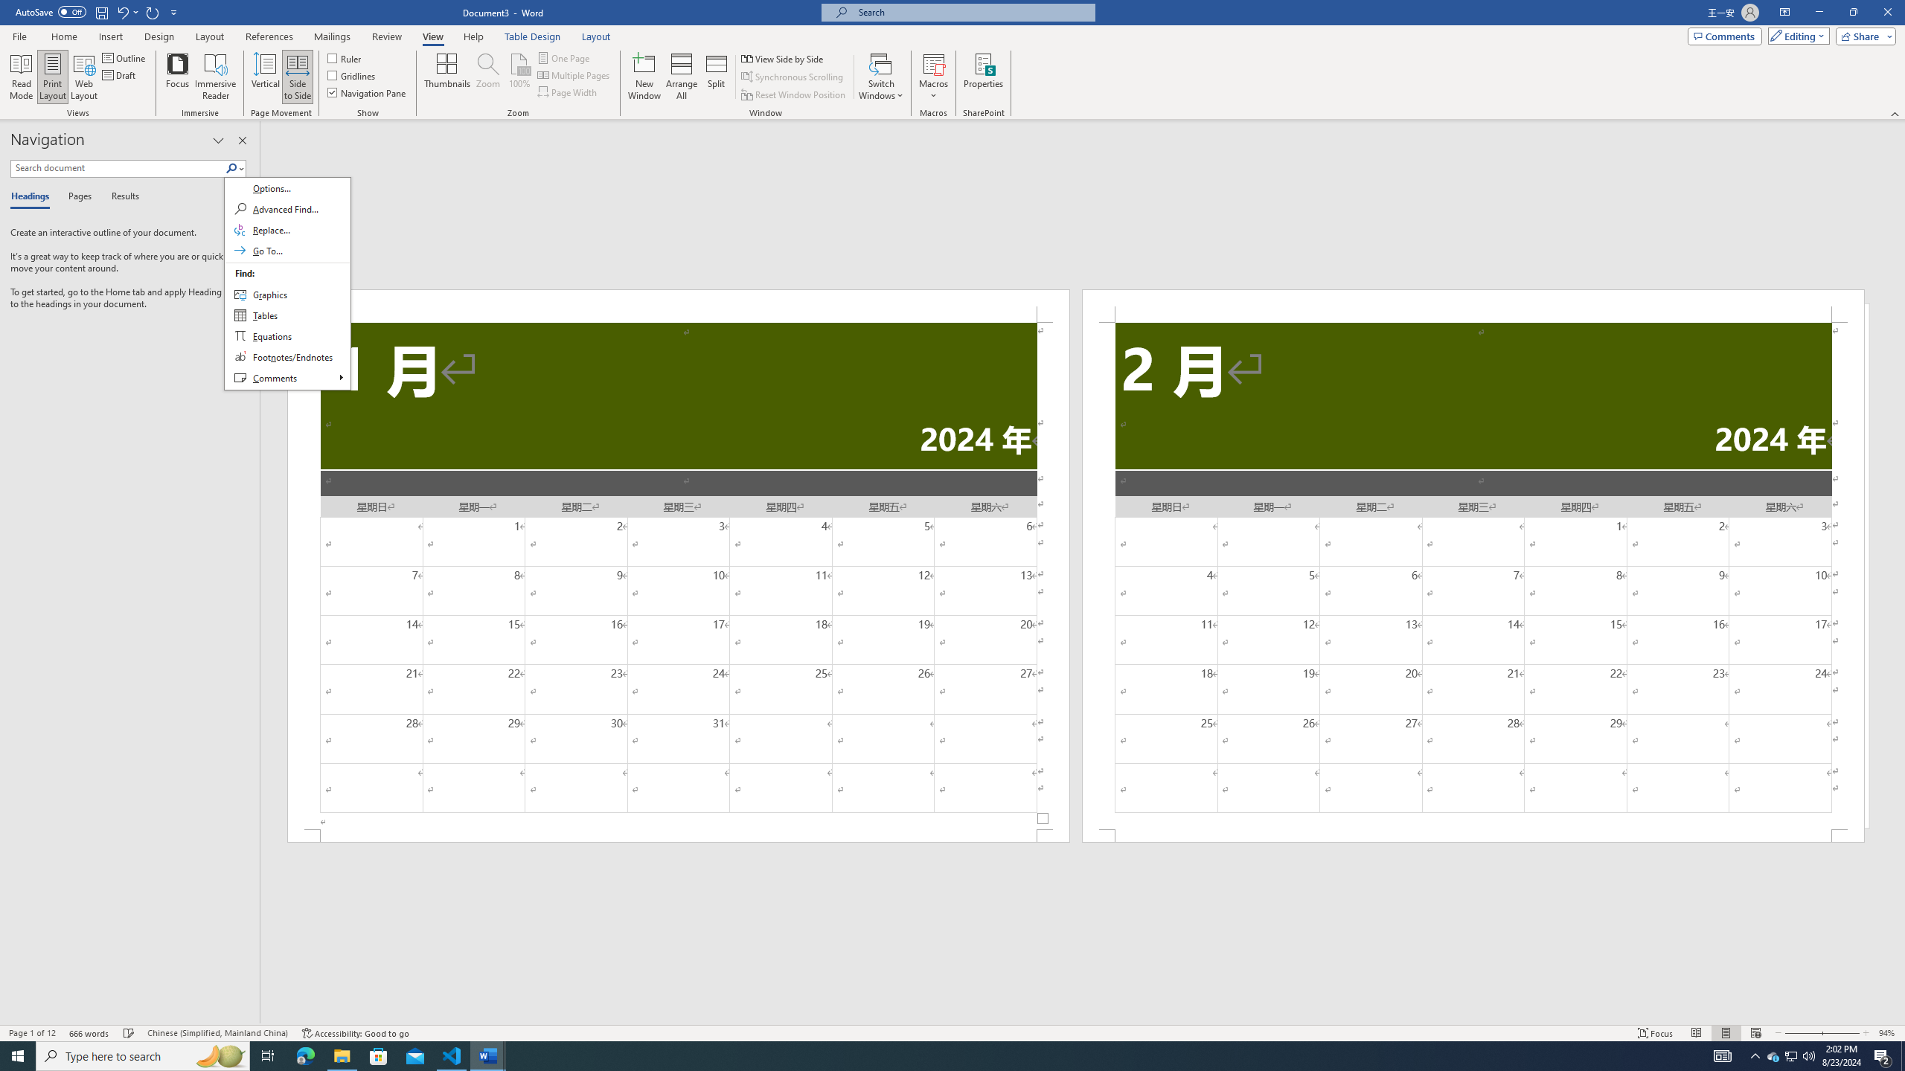 This screenshot has height=1071, width=1905. What do you see at coordinates (519, 77) in the screenshot?
I see `'100%'` at bounding box center [519, 77].